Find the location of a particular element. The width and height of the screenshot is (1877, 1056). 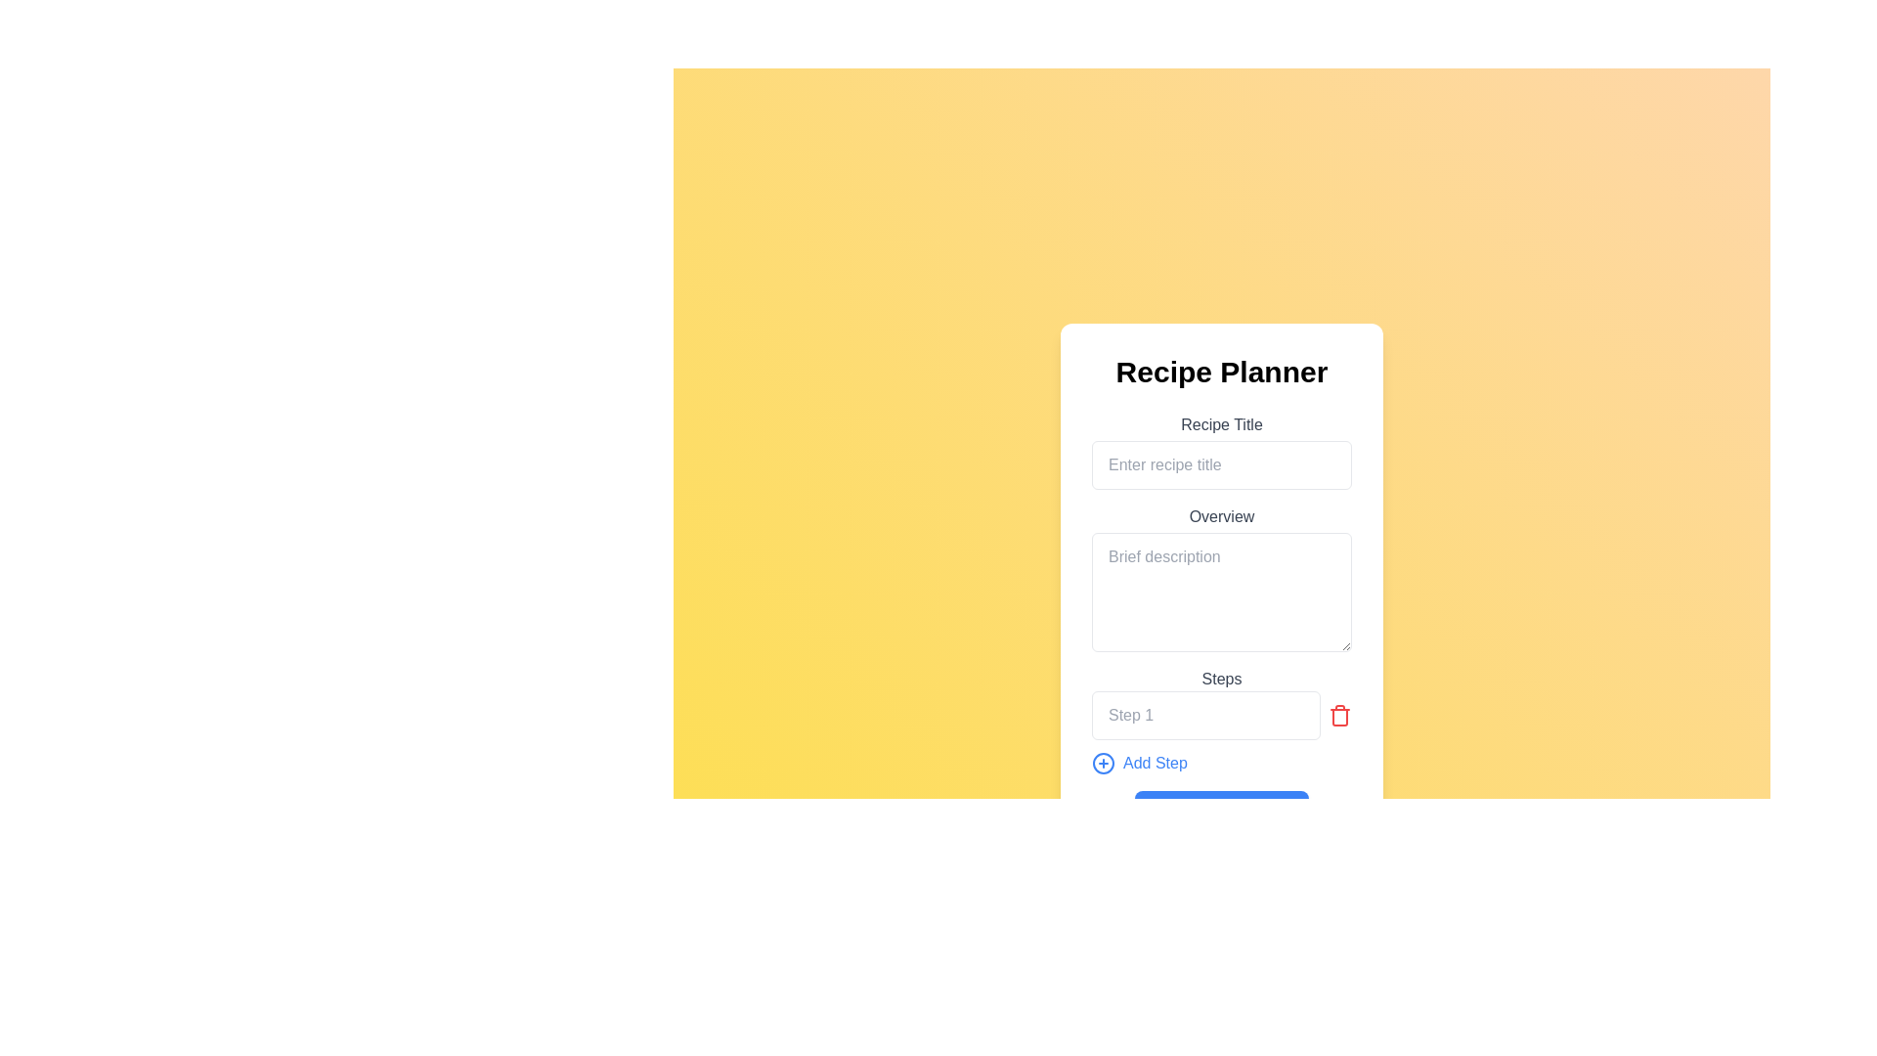

the 'Recipe Title' label, which provides context for the 'Enter recipe title' input field located directly below it is located at coordinates (1220, 423).